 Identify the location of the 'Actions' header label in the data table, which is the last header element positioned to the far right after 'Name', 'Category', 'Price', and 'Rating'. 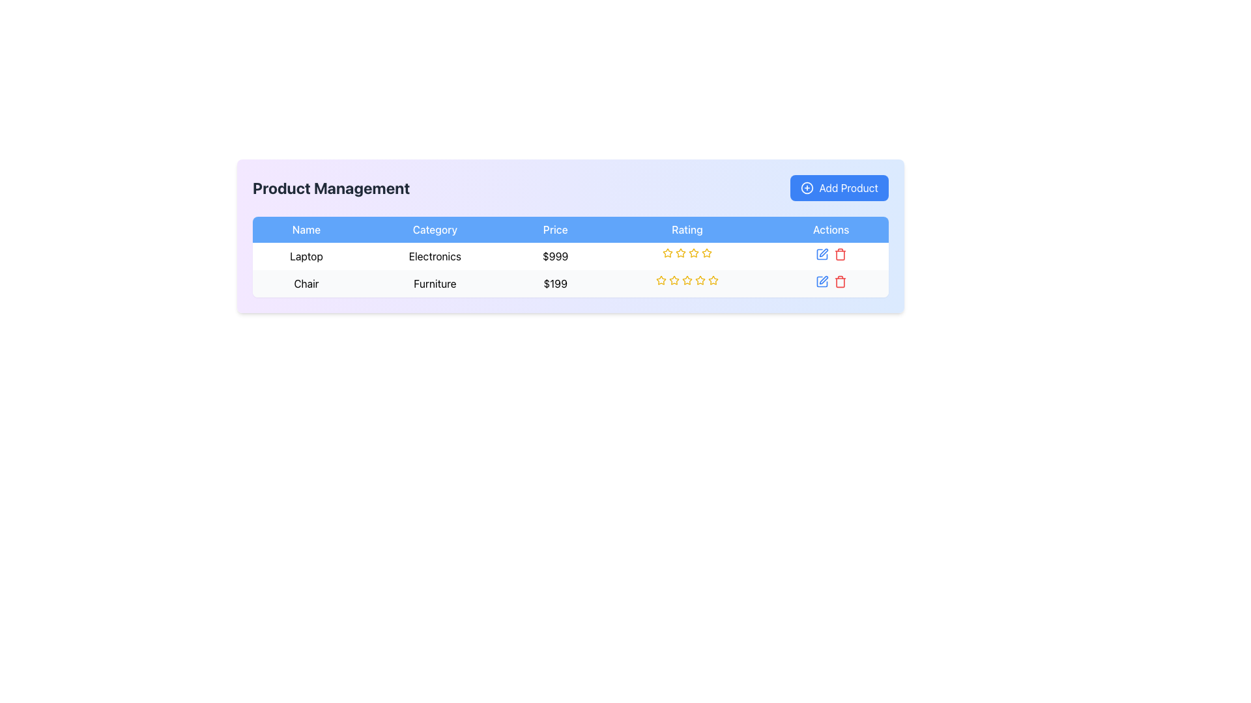
(830, 229).